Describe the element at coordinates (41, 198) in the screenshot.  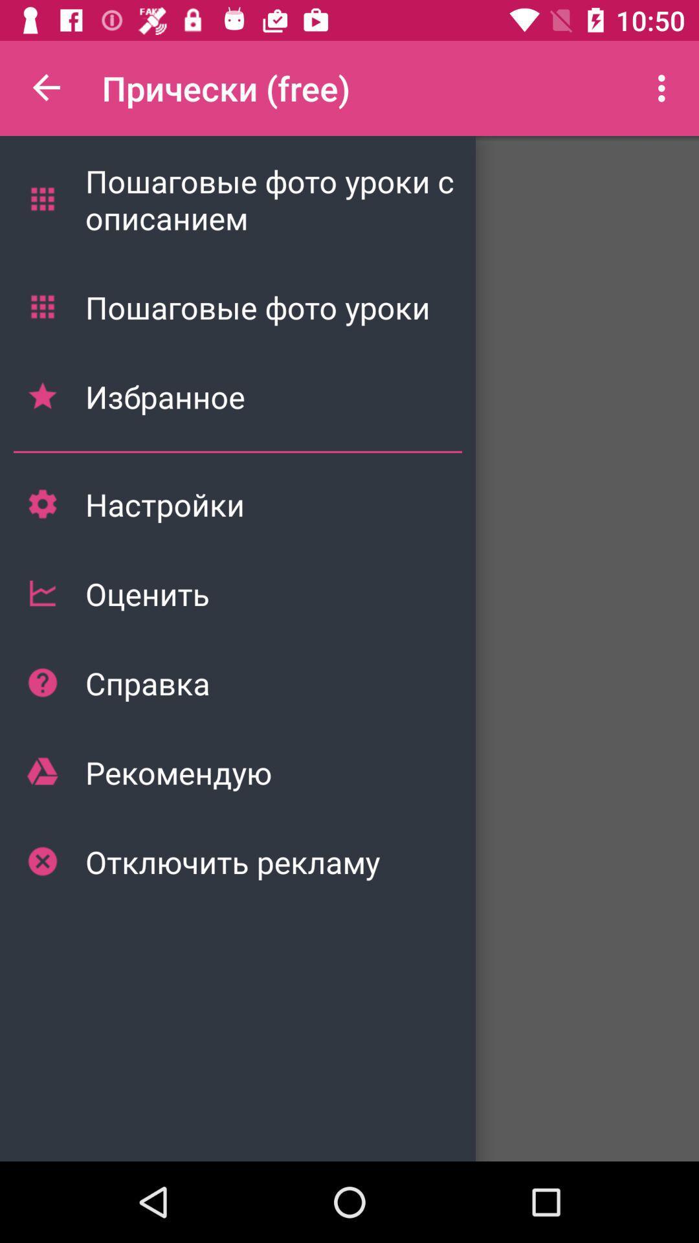
I see `the first menu symbol  from the options` at that location.